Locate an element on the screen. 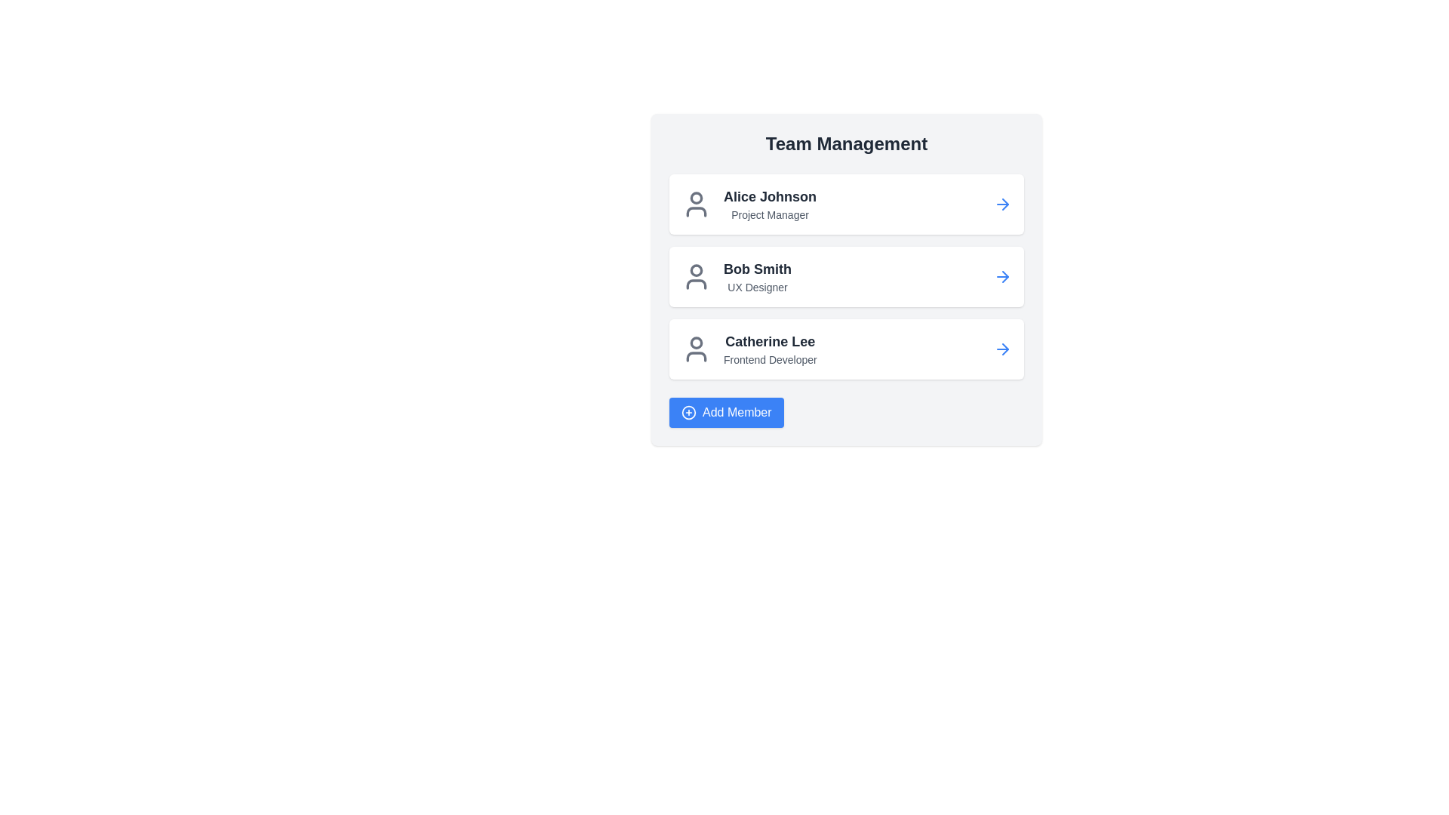 The height and width of the screenshot is (815, 1449). the circular profile icon representing 'Alice Johnson' to focus on the user is located at coordinates (695, 204).